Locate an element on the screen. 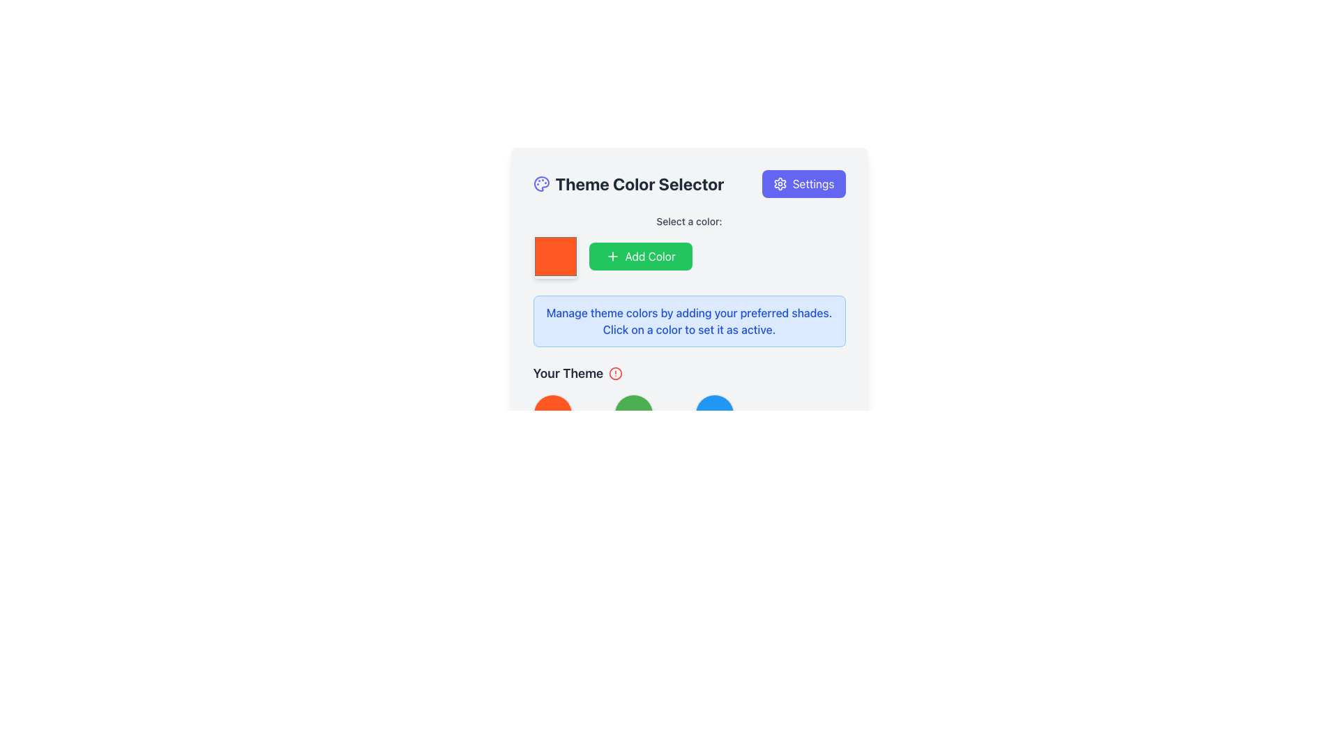 This screenshot has height=753, width=1339. the third circular color option in the color selection tool is located at coordinates (714, 413).